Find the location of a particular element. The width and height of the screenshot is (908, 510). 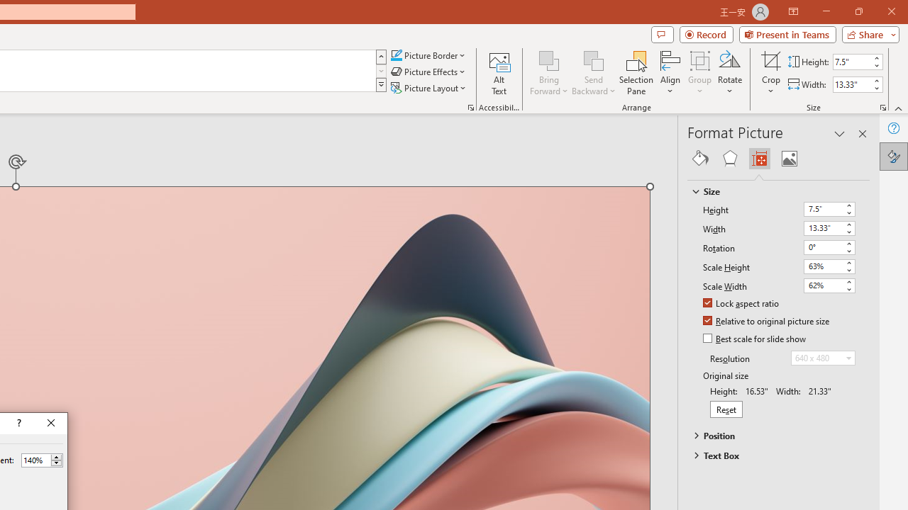

'Picture...' is located at coordinates (470, 106).